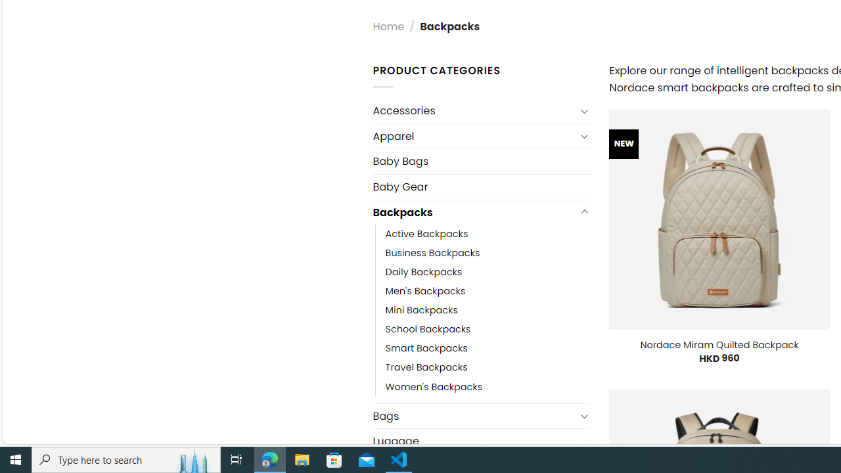 This screenshot has height=473, width=841. I want to click on 'Mini Backpacks', so click(421, 311).